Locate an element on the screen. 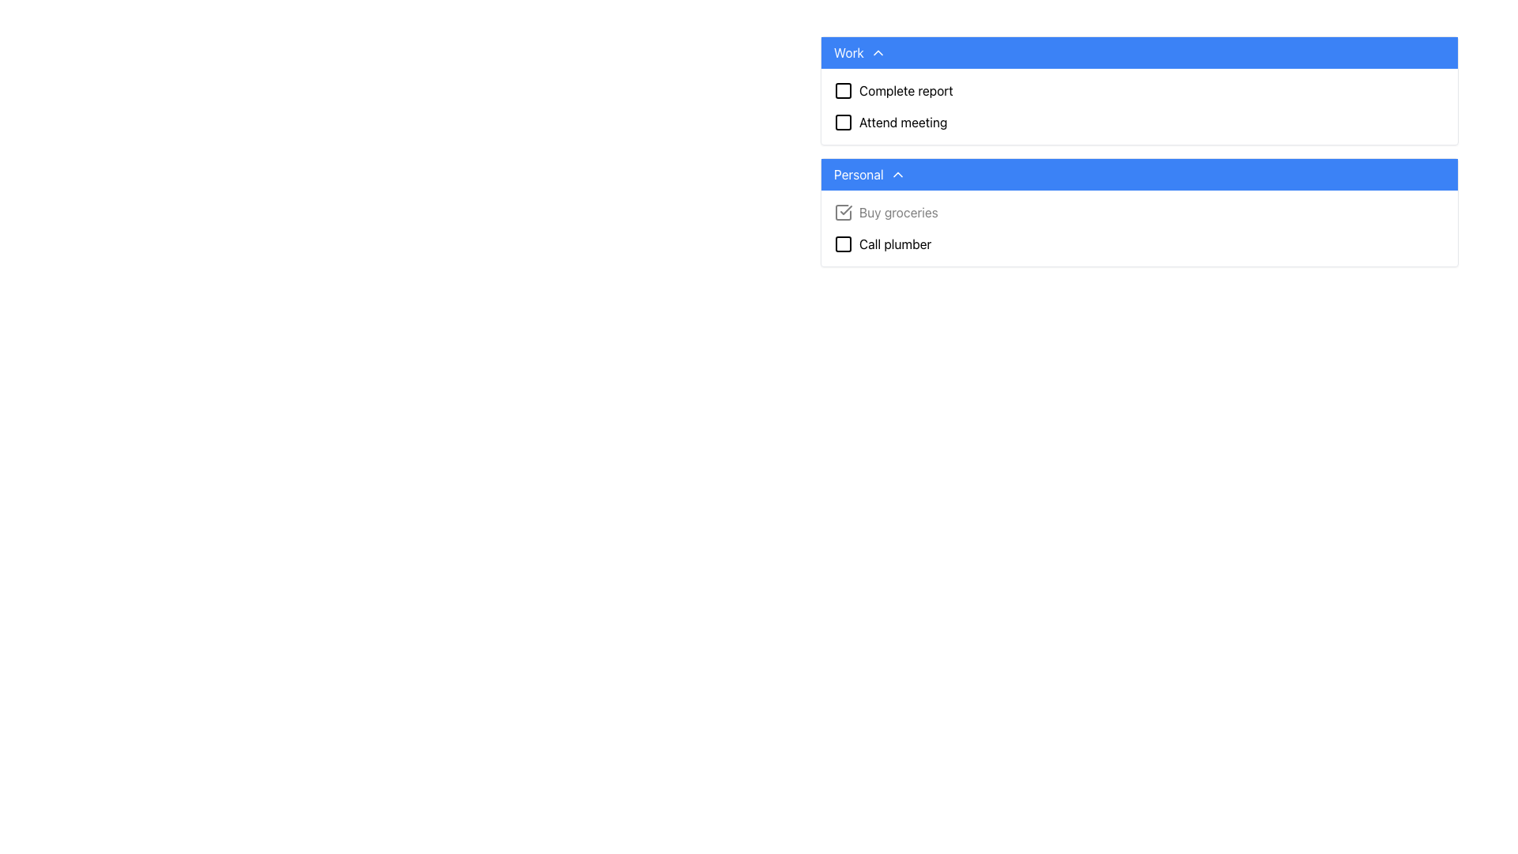  the text label that says 'Attend meeting', which is the second item in the vertical list under the 'Work' section, styled with a standard sans-serif font in black color and aligned horizontally next to a checkbox is located at coordinates (903, 121).